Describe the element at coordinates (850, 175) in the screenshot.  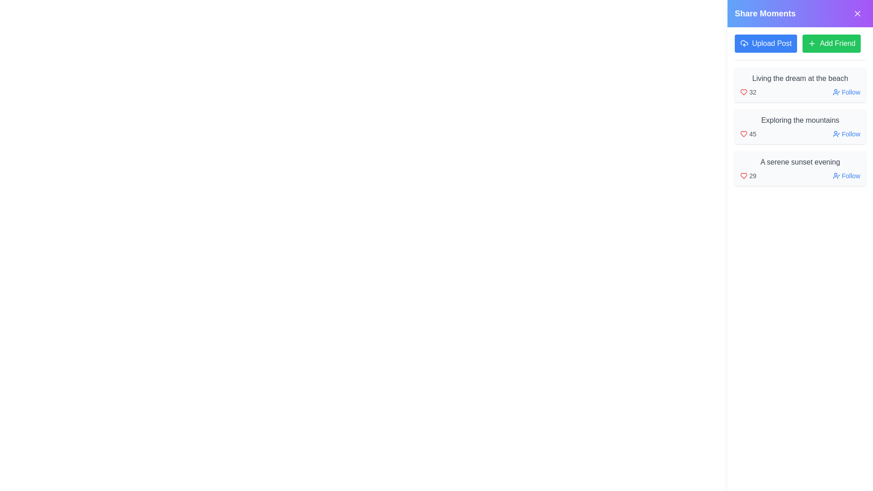
I see `the 'Follow' button styled in blue located in the bottom-right corner of the post block labeled 'A serene sunset evening' to follow the user or post` at that location.